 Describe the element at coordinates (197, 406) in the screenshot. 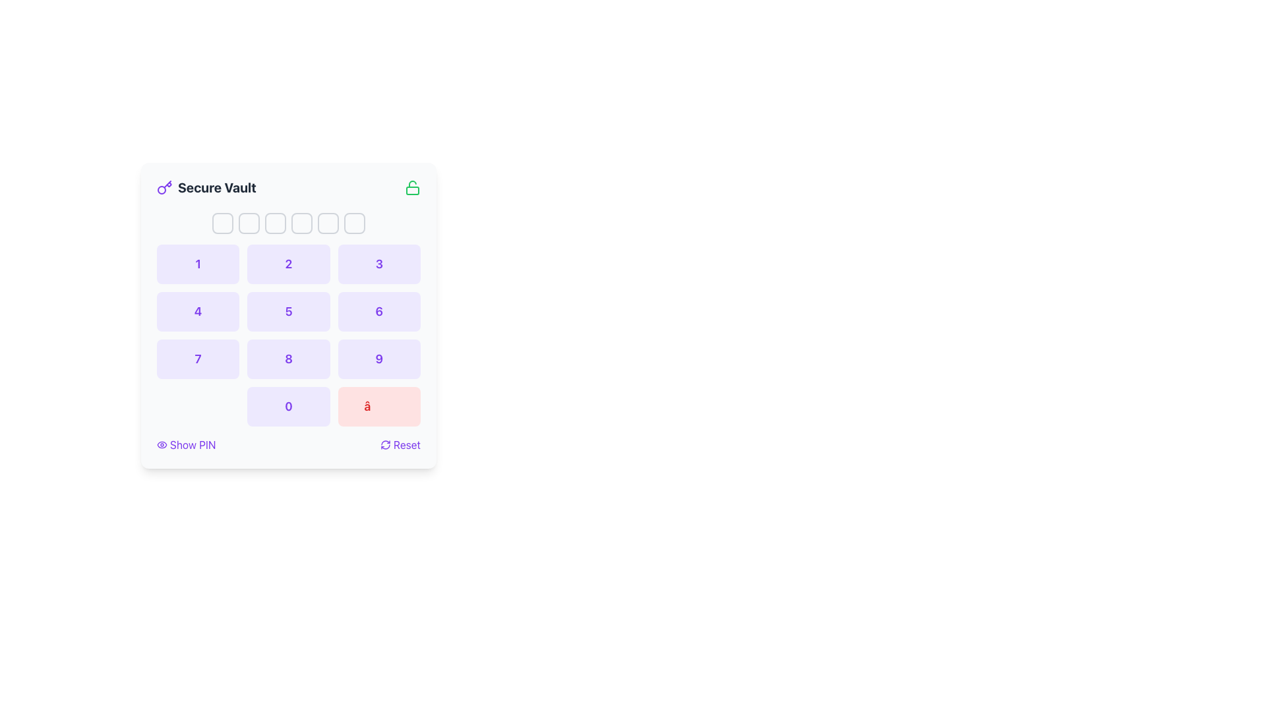

I see `the empty button in the first column of the last row of the number keypad under the 'Secure Vault' title` at that location.